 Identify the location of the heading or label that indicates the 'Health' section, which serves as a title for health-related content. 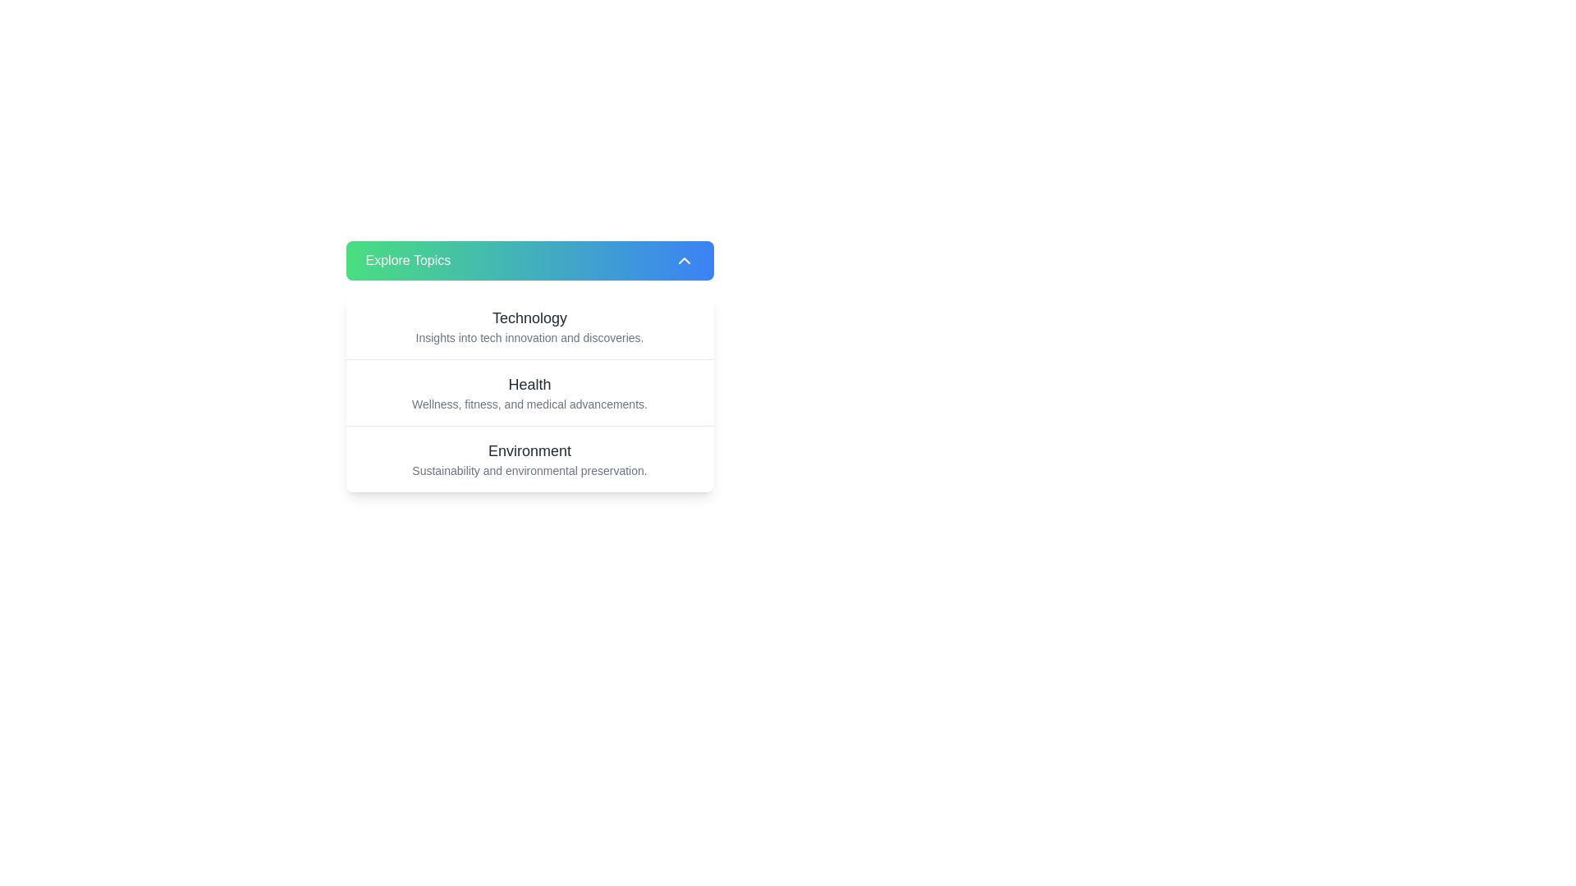
(529, 385).